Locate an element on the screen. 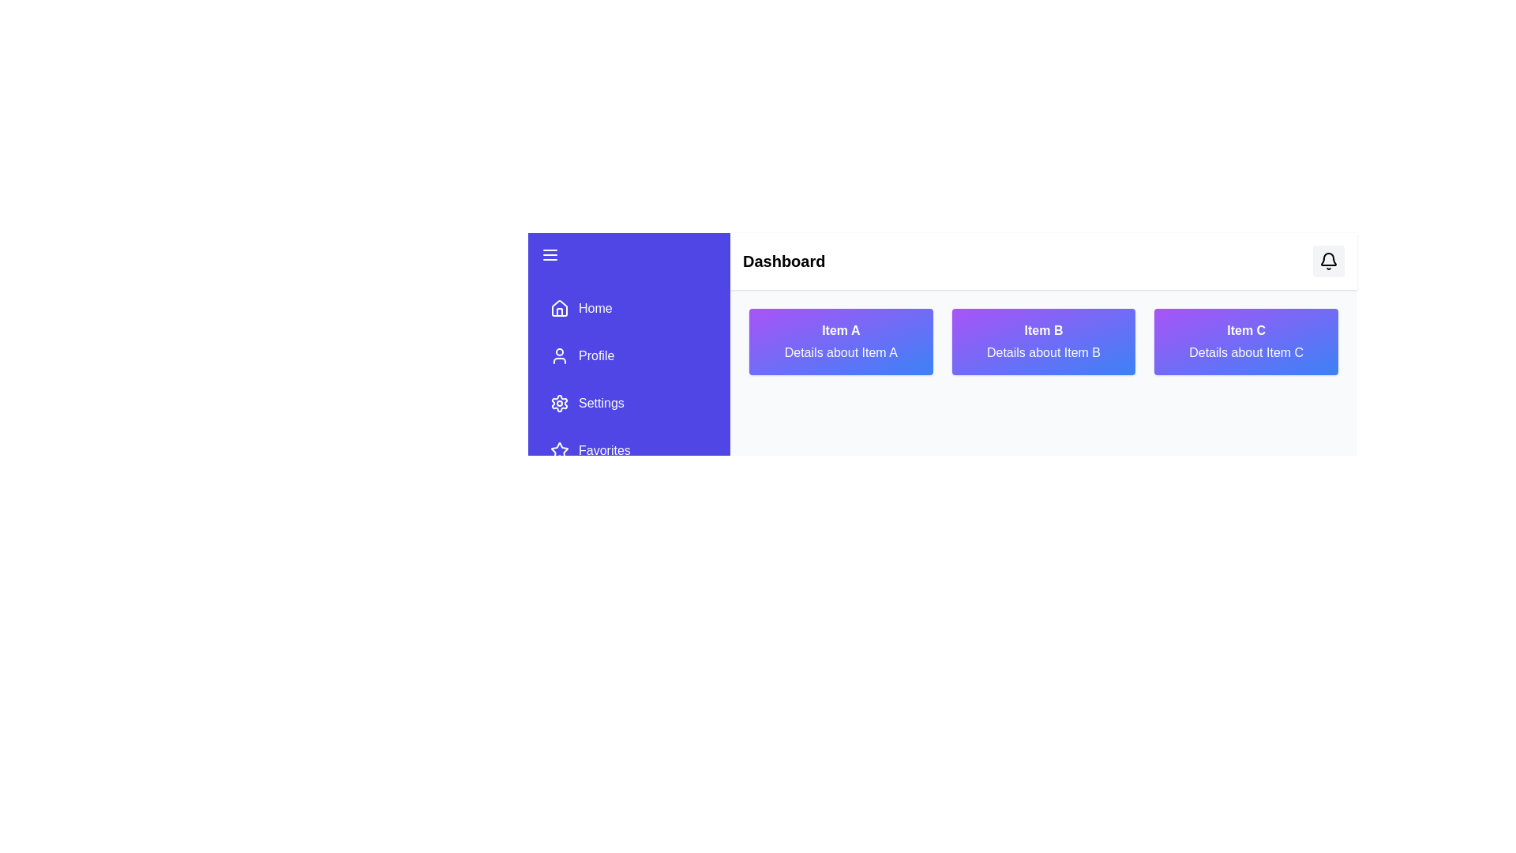 This screenshot has height=853, width=1516. the notification button located at the top-right corner of the header area, positioned after the 'Dashboard' text is located at coordinates (1328, 261).